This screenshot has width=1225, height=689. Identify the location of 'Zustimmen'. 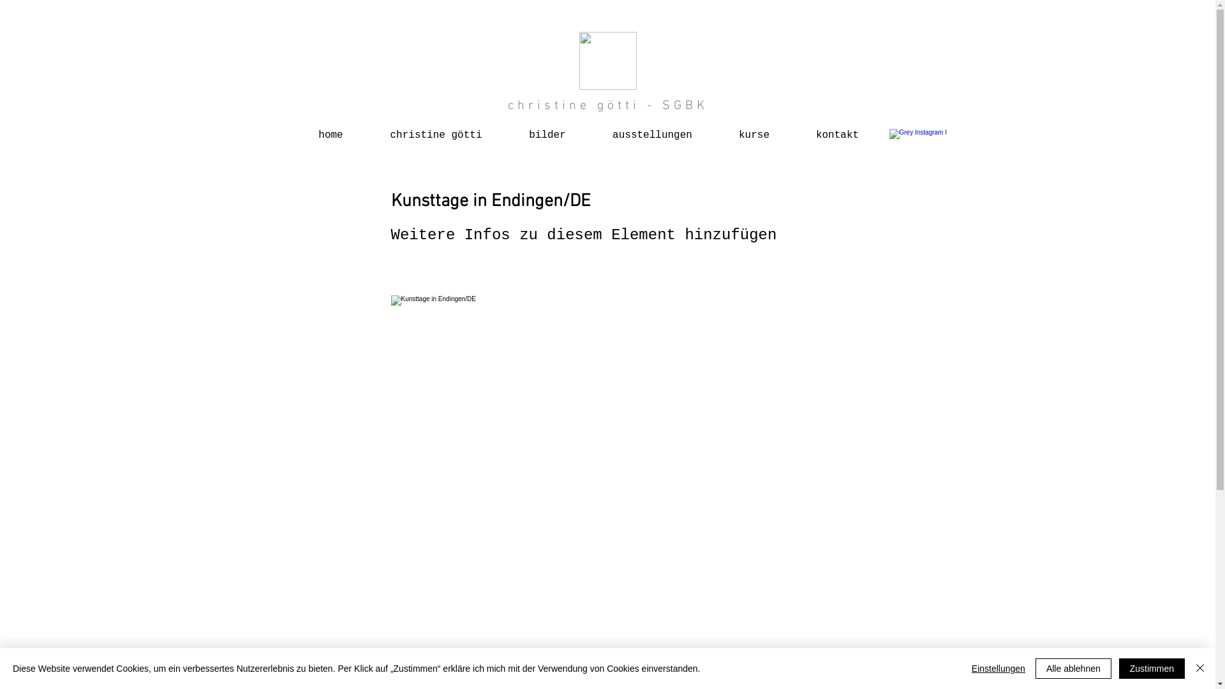
(1152, 668).